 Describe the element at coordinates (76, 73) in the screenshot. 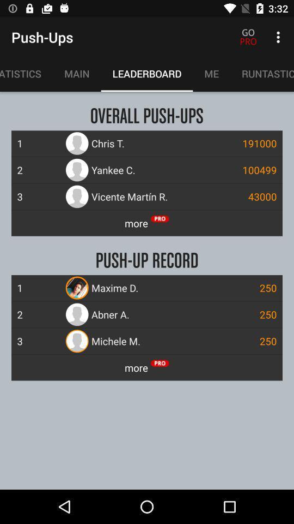

I see `the item to the left of the leaderboard item` at that location.